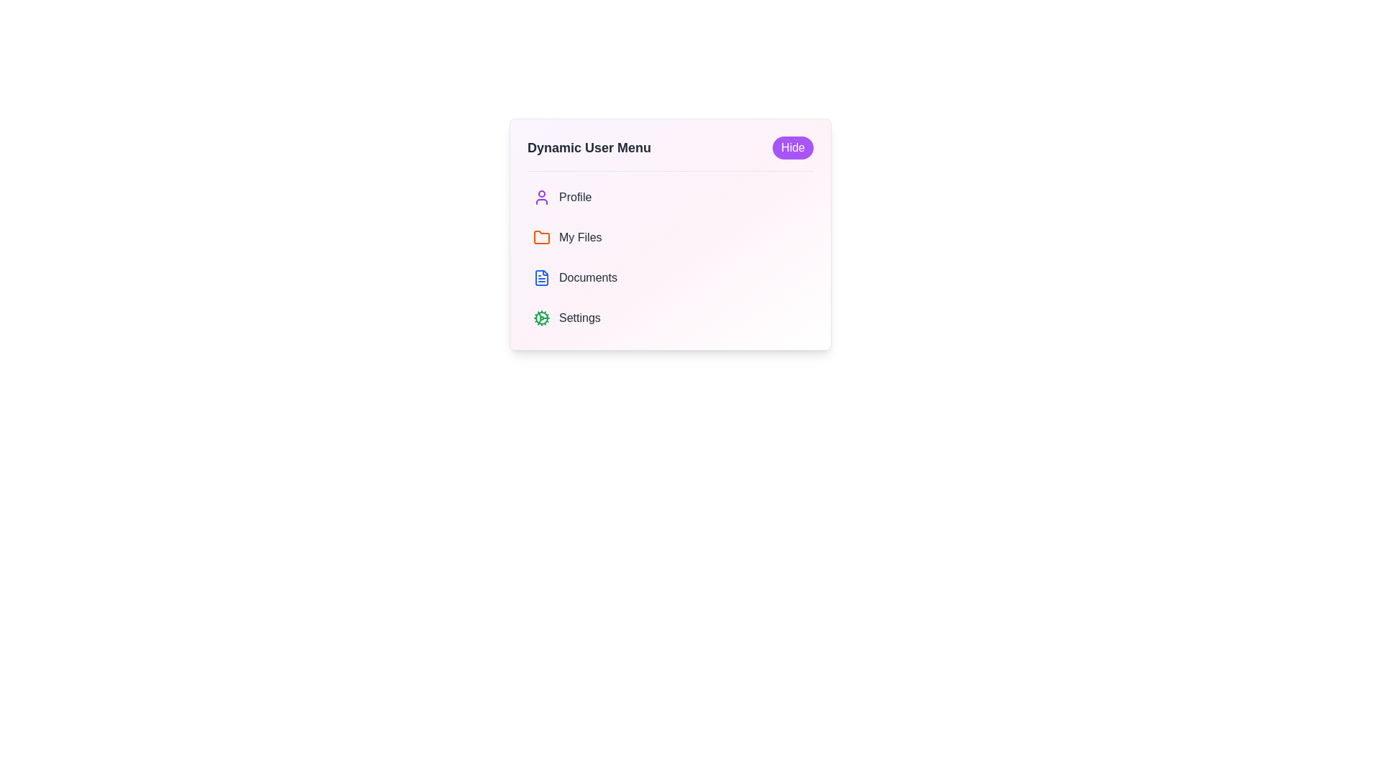 This screenshot has height=776, width=1380. I want to click on the folder icon, which is small, orange, and located next to the text 'My Files' in the second row of the menu list, so click(540, 237).